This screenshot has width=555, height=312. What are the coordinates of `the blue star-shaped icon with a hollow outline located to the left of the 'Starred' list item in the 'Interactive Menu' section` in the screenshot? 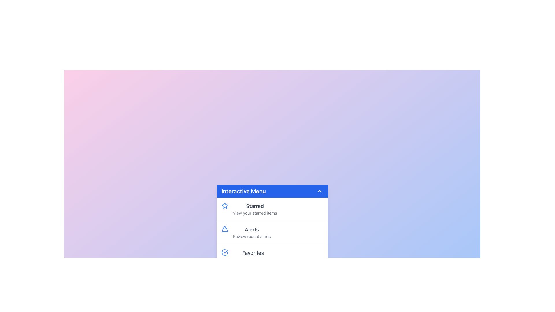 It's located at (224, 205).